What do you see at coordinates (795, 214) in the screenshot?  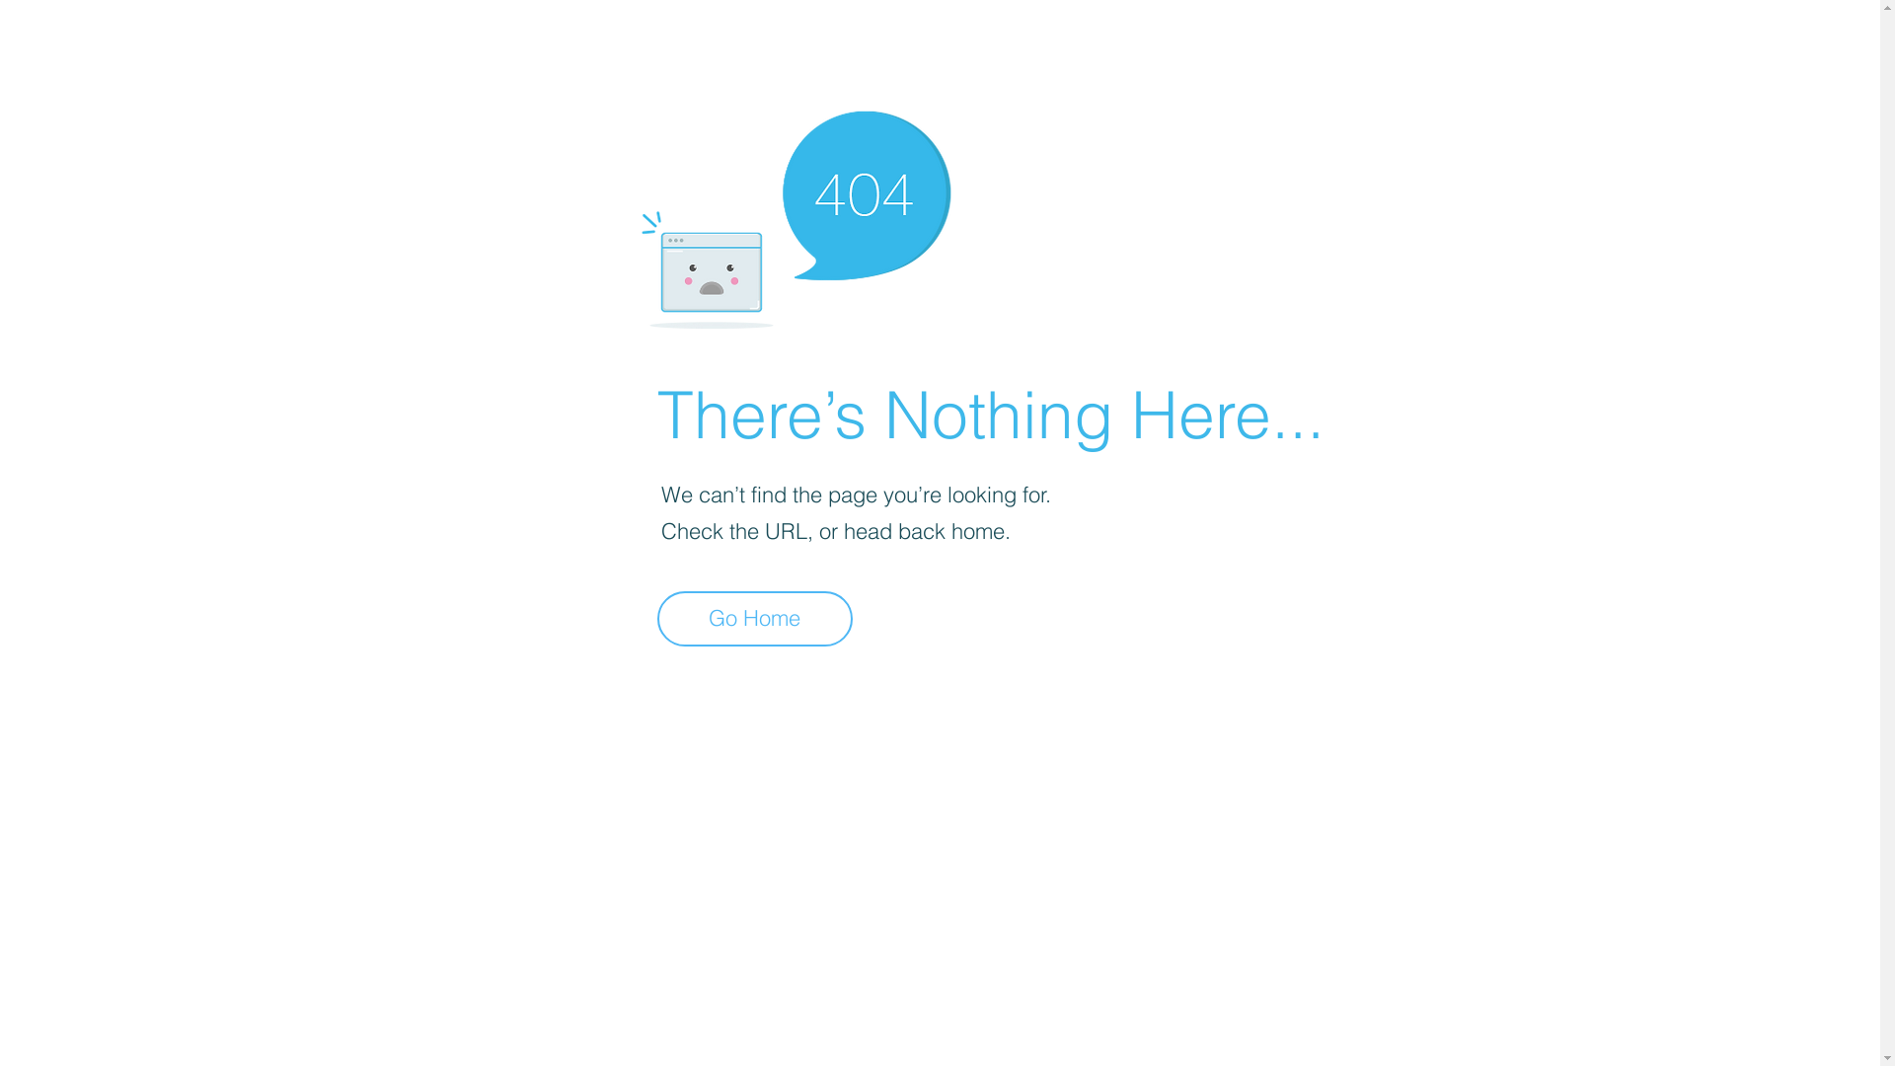 I see `'404-icon_2.png'` at bounding box center [795, 214].